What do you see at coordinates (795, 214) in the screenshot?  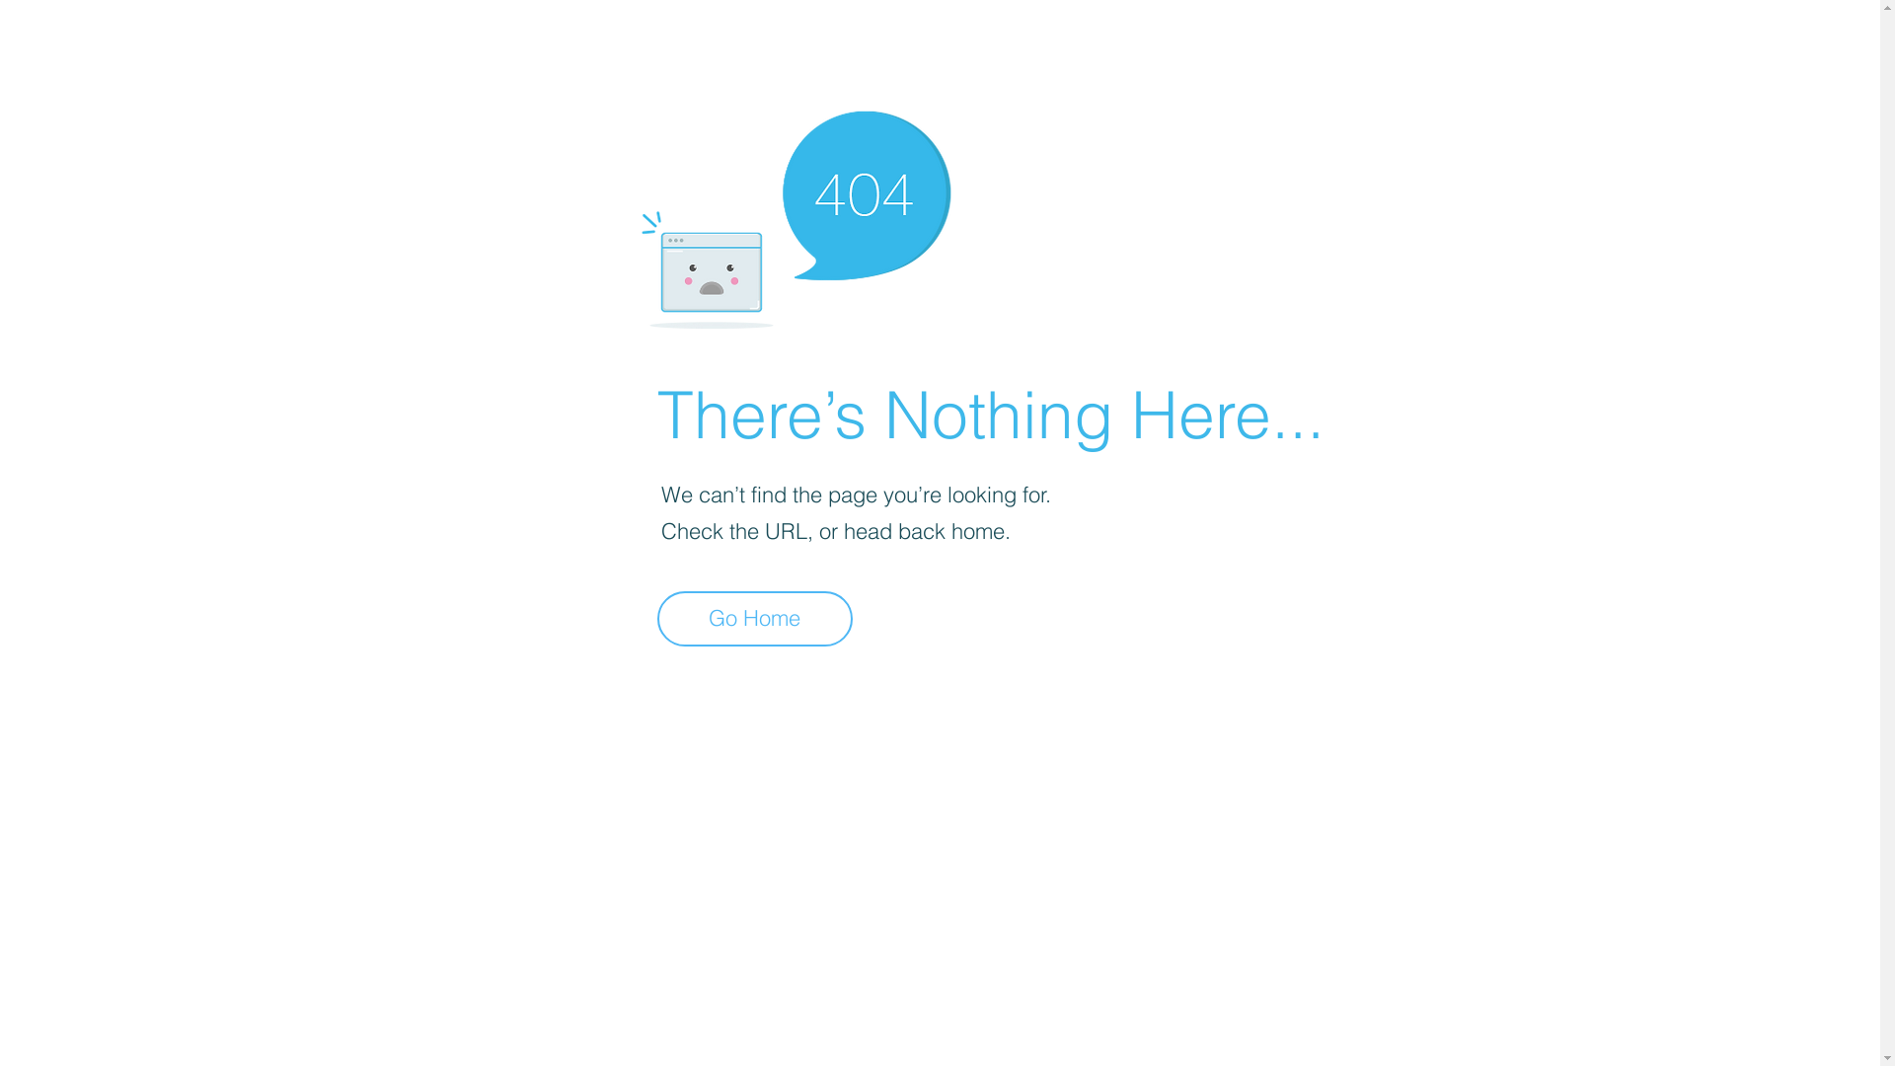 I see `'404-icon_2.png'` at bounding box center [795, 214].